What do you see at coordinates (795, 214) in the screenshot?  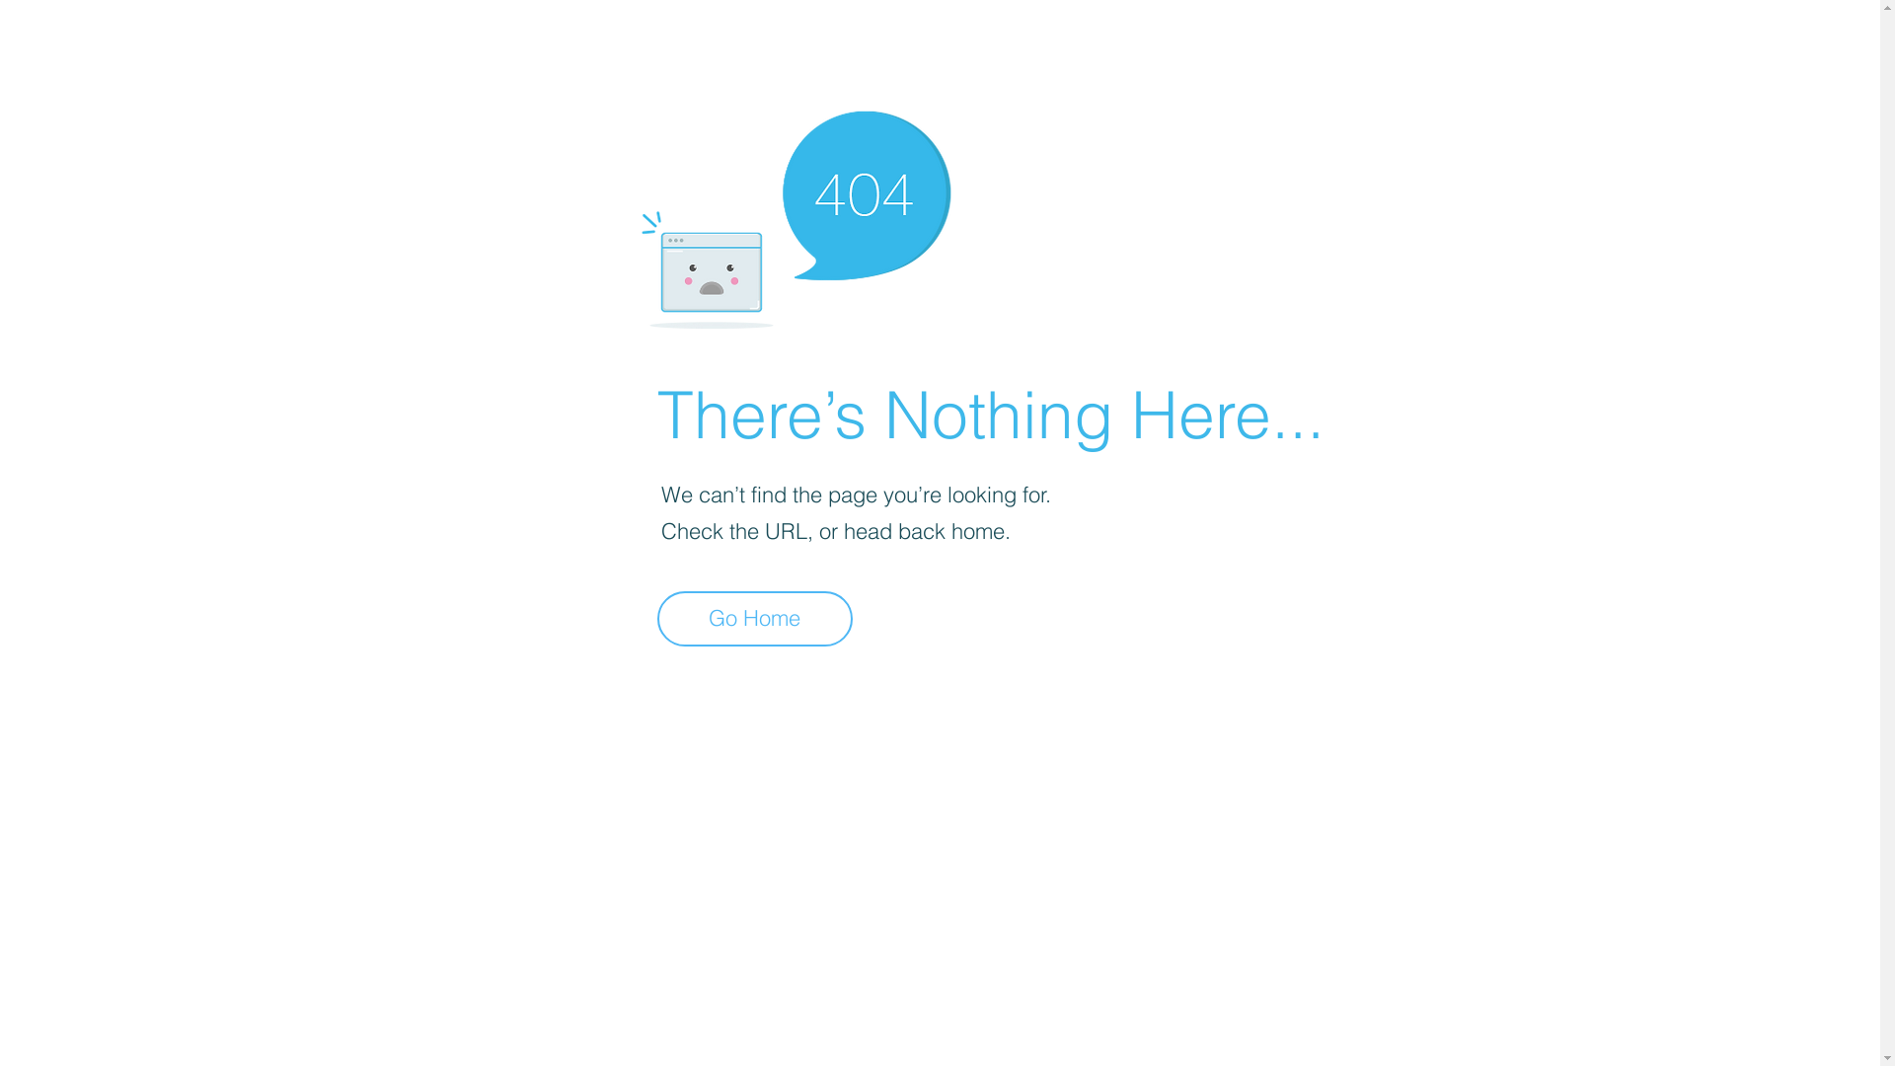 I see `'404-icon_2.png'` at bounding box center [795, 214].